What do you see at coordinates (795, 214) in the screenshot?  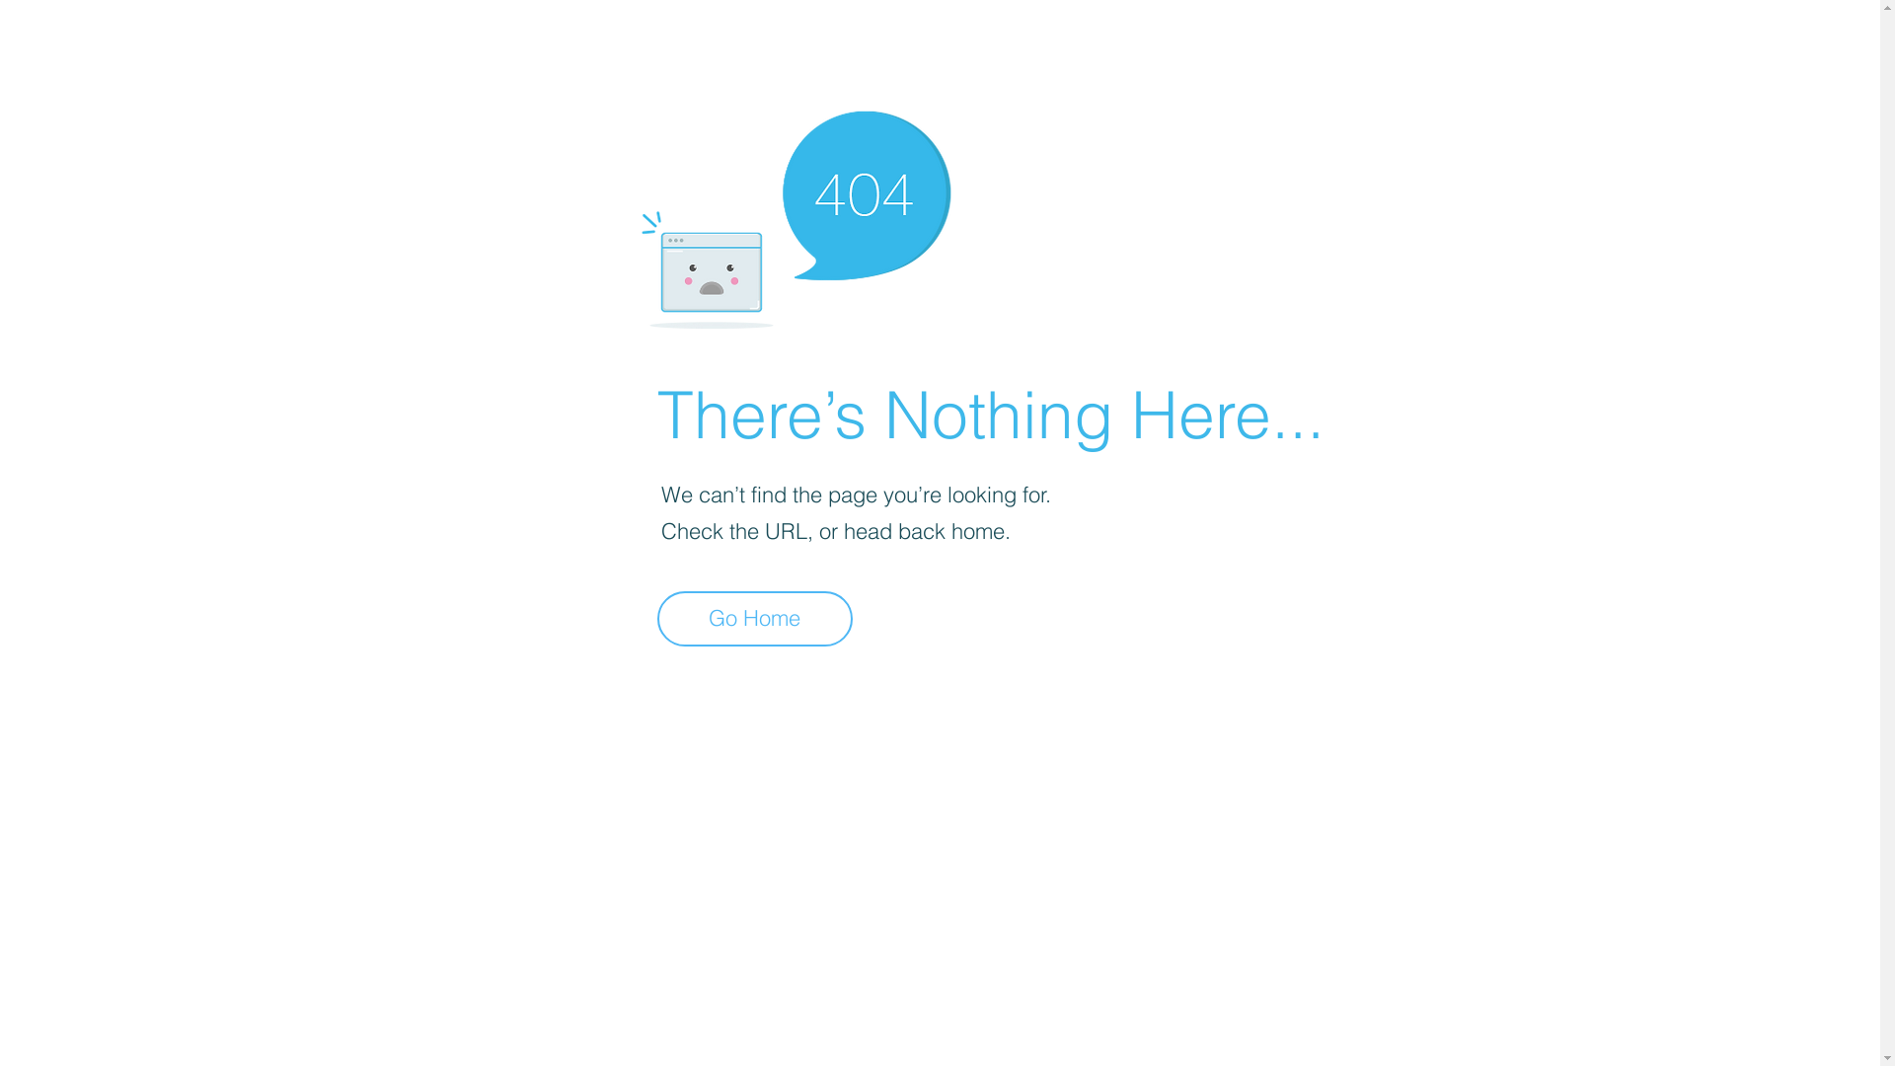 I see `'404-icon_2.png'` at bounding box center [795, 214].